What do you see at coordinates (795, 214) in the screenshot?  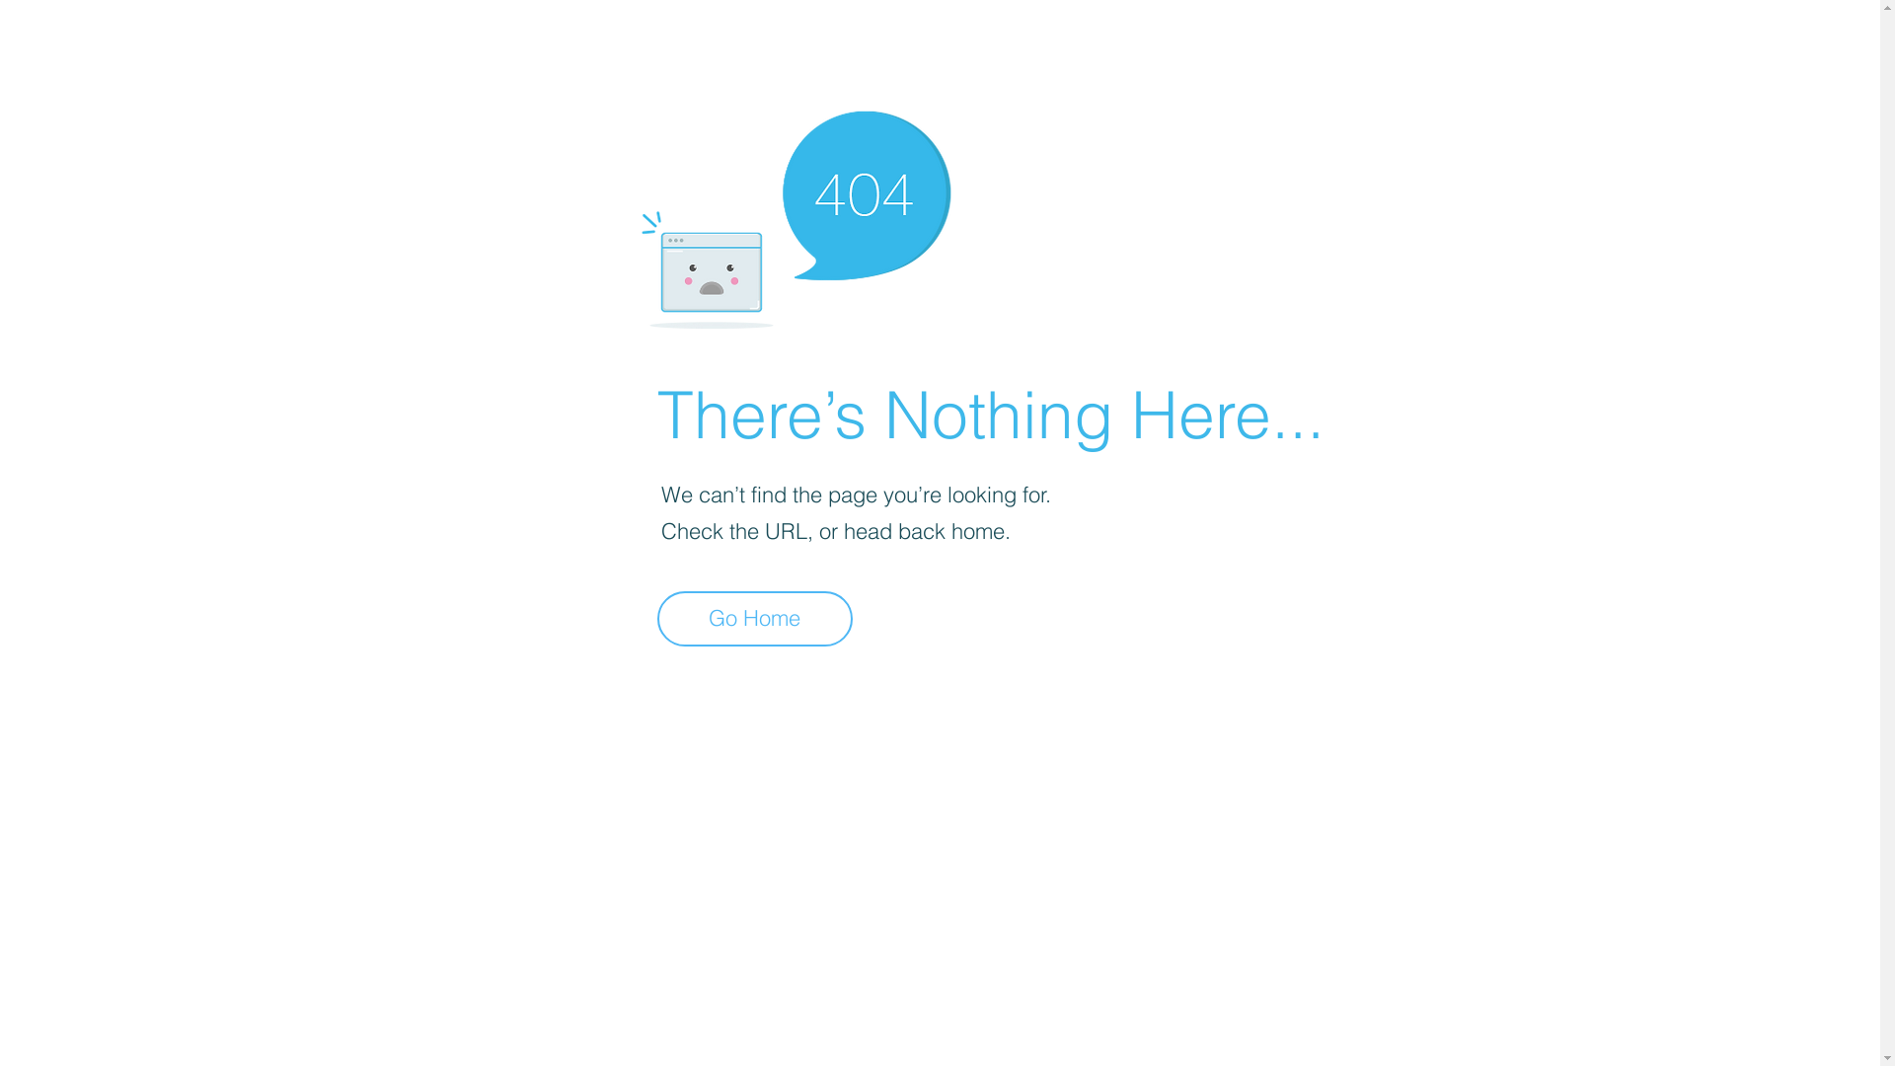 I see `'404-icon_2.png'` at bounding box center [795, 214].